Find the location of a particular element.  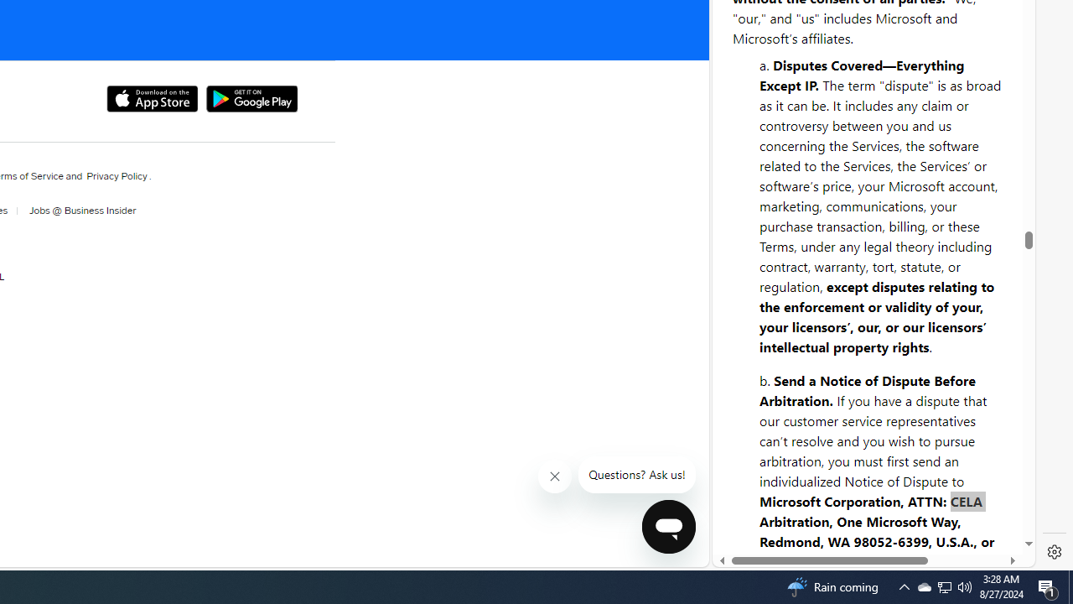

'Privacy Policy' is located at coordinates (116, 175).